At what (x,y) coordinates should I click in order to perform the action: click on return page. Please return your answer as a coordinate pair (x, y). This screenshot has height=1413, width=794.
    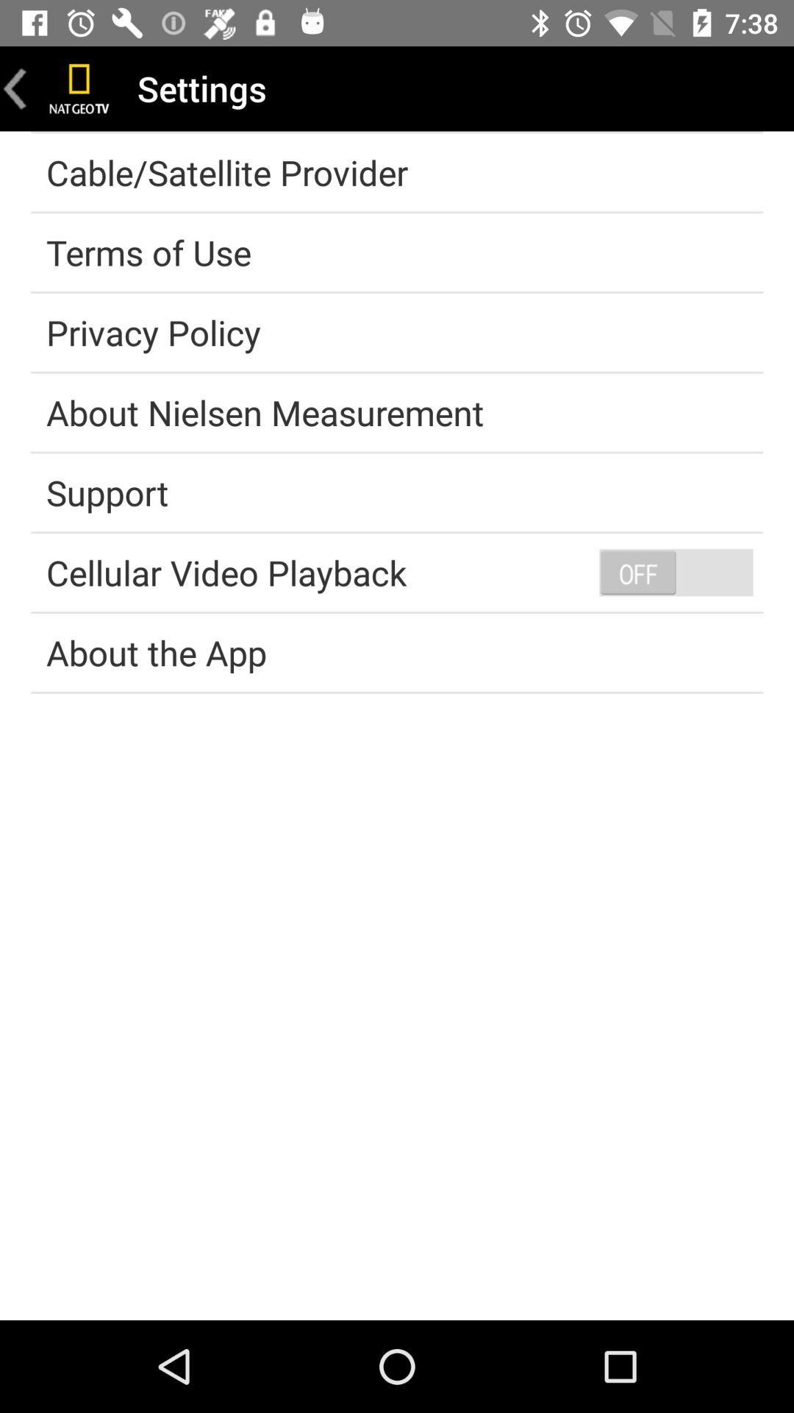
    Looking at the image, I should click on (15, 88).